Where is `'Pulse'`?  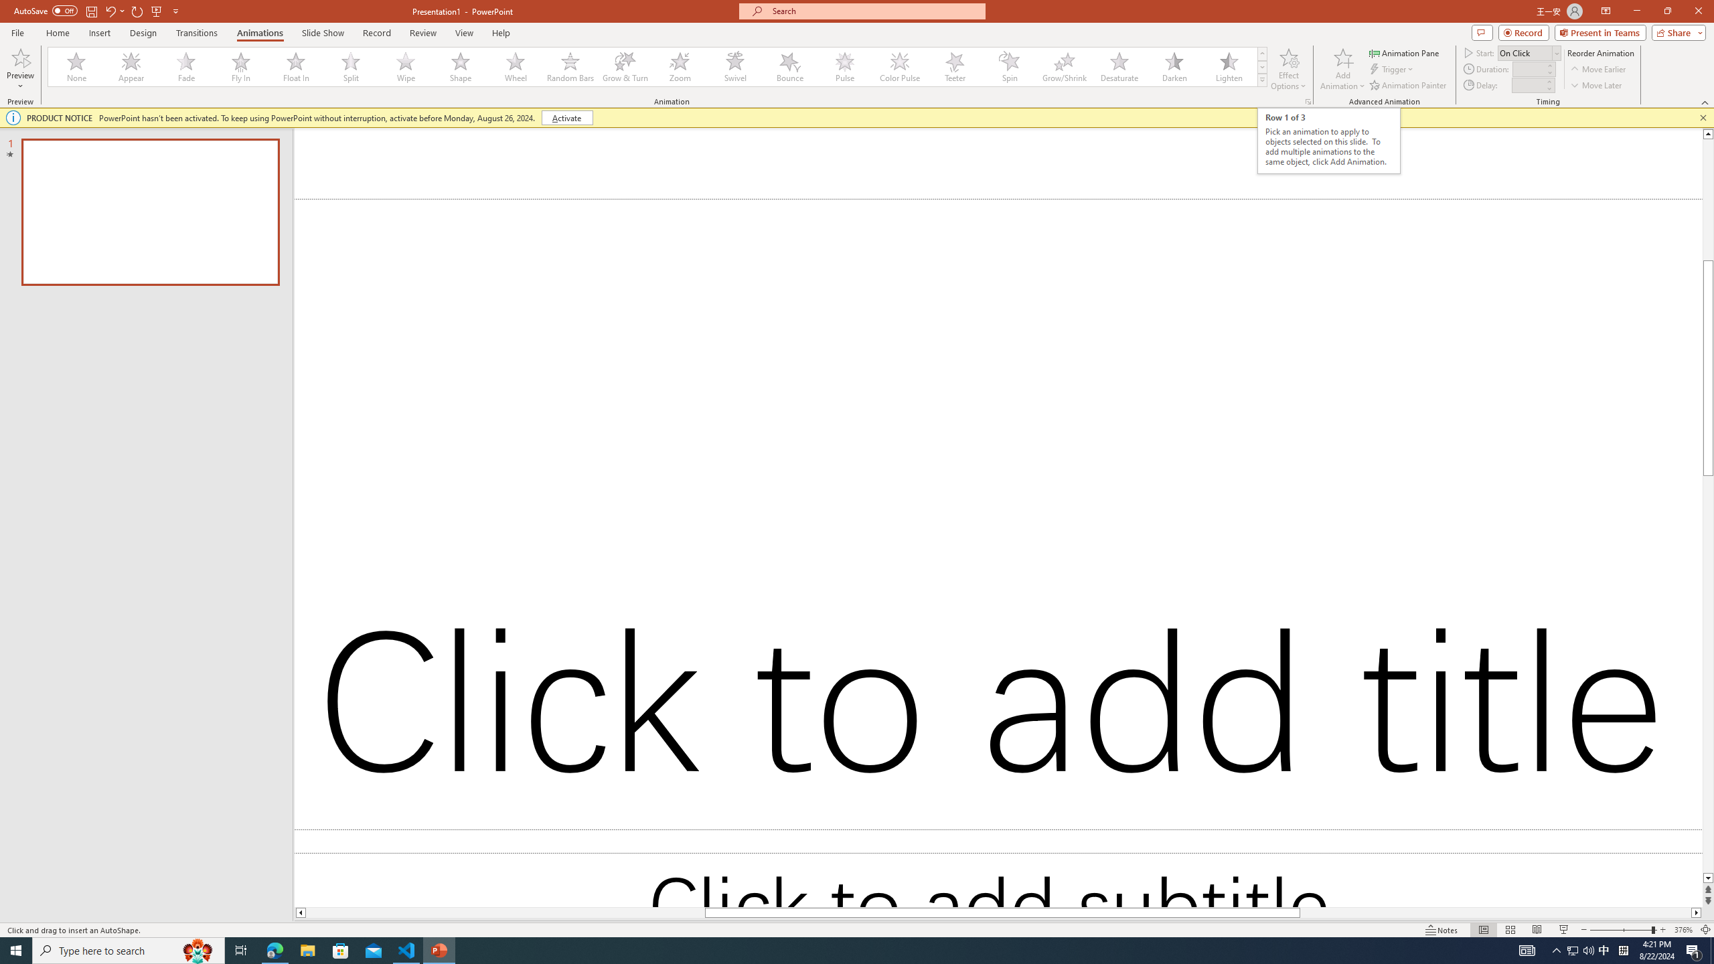
'Pulse' is located at coordinates (844, 66).